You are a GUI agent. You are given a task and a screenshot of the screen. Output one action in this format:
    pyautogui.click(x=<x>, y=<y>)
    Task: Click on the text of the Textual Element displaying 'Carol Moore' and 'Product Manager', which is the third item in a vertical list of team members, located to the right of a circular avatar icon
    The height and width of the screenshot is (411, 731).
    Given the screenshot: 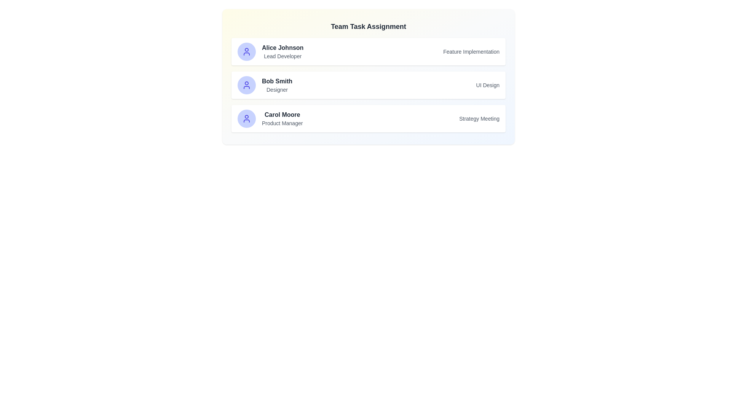 What is the action you would take?
    pyautogui.click(x=282, y=119)
    